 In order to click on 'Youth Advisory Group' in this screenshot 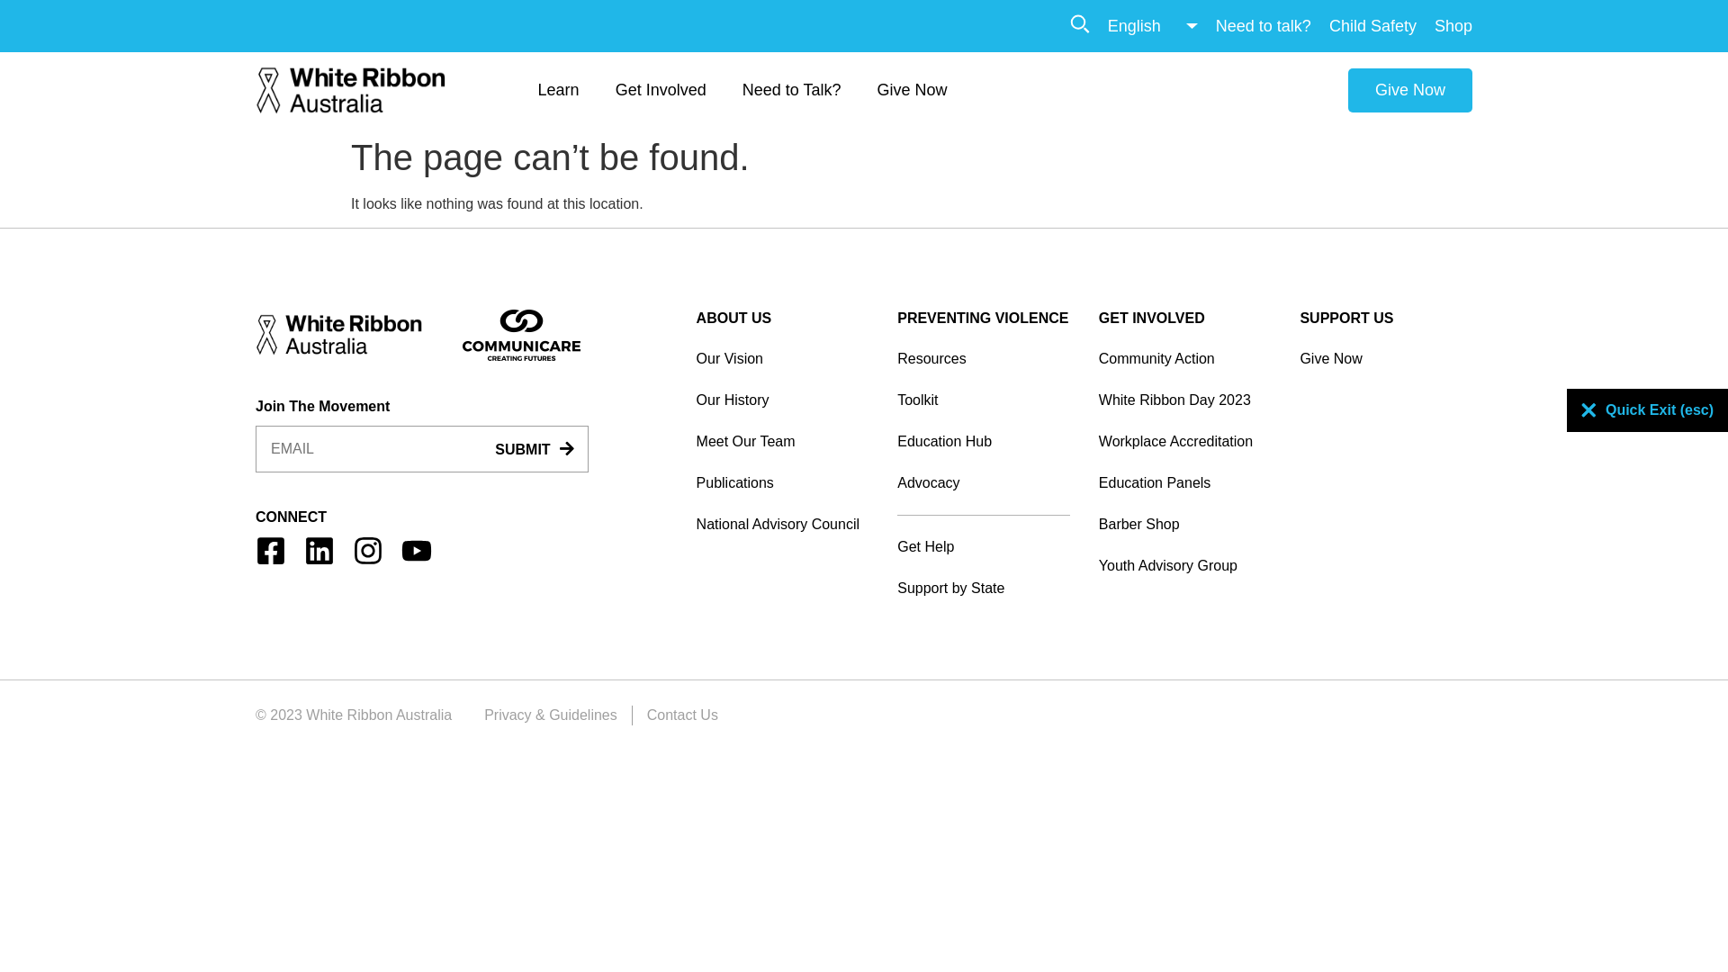, I will do `click(1097, 564)`.